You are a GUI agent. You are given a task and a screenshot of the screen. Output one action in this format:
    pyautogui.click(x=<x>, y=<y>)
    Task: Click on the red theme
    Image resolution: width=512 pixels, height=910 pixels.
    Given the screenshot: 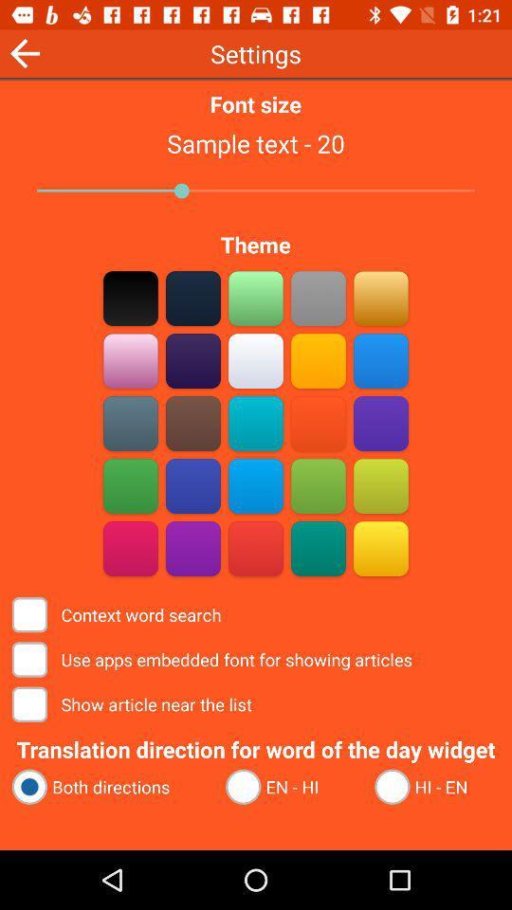 What is the action you would take?
    pyautogui.click(x=130, y=548)
    